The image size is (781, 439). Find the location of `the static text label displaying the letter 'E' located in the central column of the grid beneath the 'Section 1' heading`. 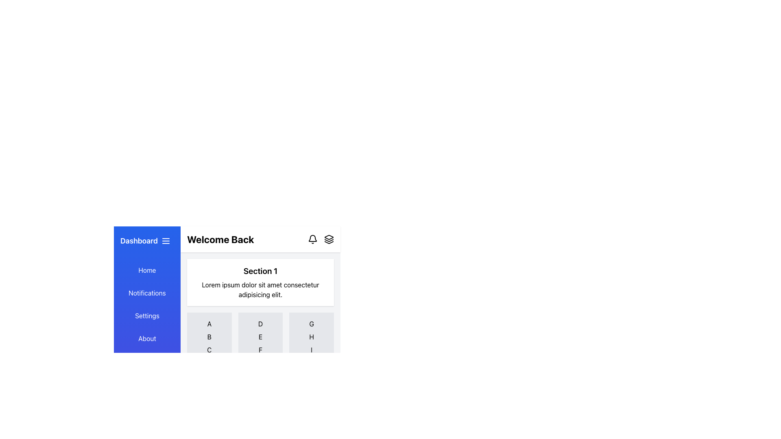

the static text label displaying the letter 'E' located in the central column of the grid beneath the 'Section 1' heading is located at coordinates (260, 339).